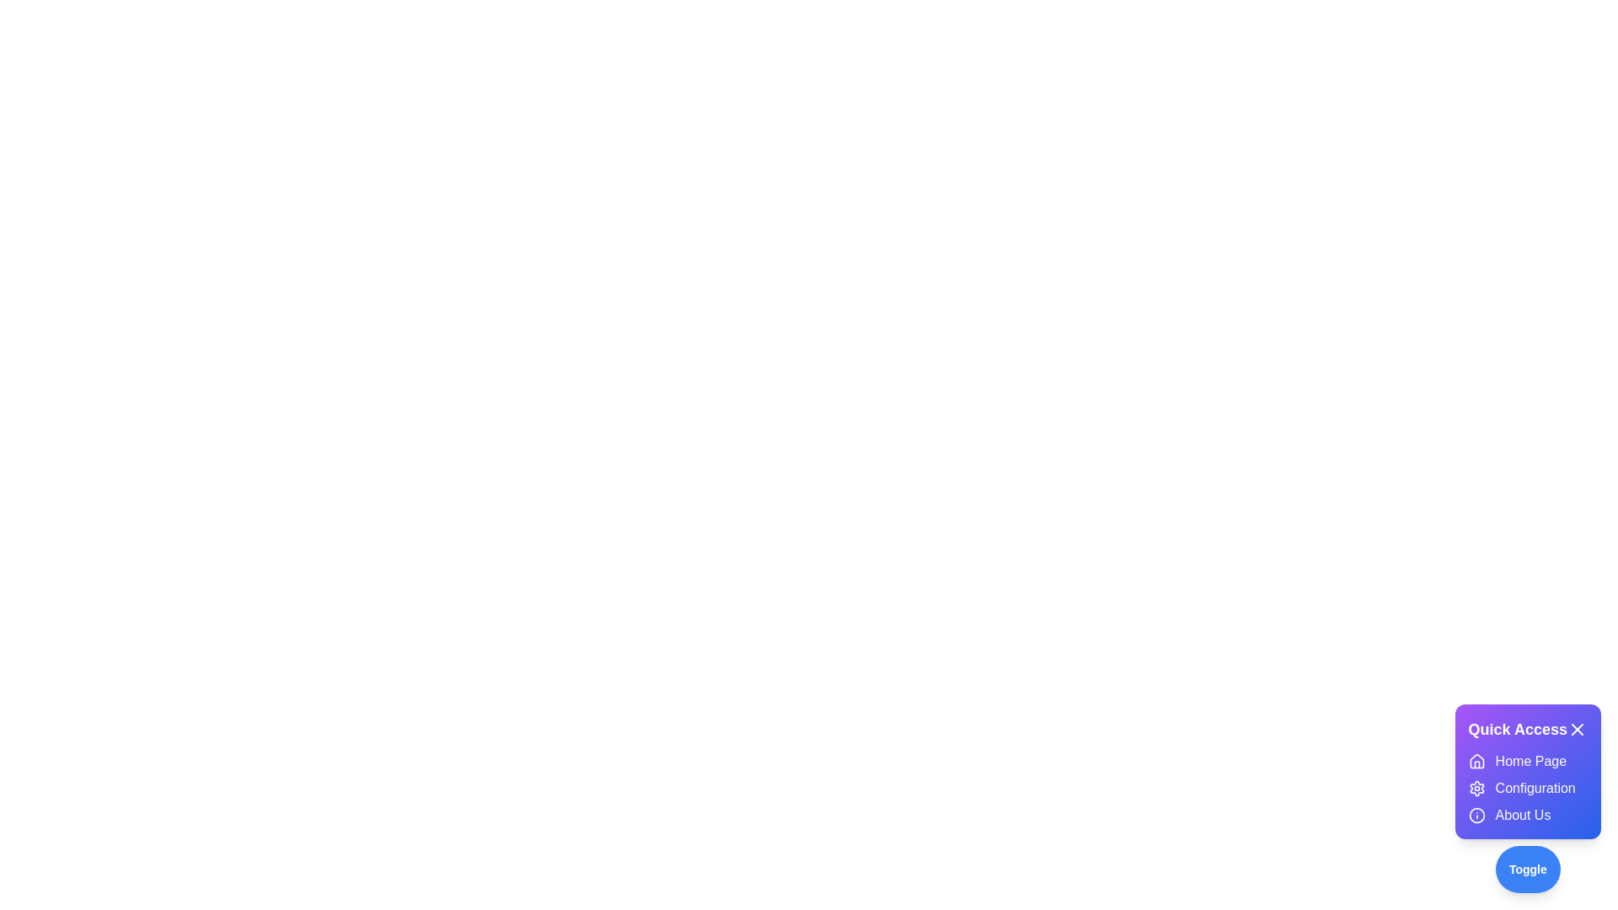  Describe the element at coordinates (1528, 729) in the screenshot. I see `text from the Header element located at the top of the menu, which includes an 'X' button for closing or minimizing the menu` at that location.